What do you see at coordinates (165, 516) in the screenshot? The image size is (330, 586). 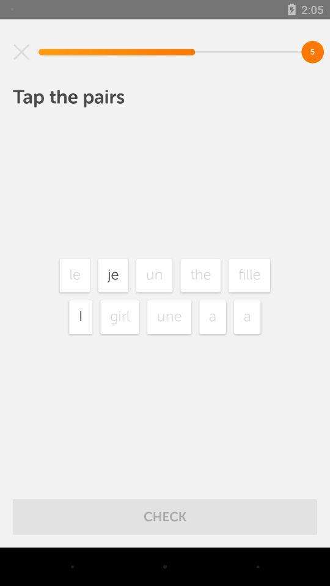 I see `the check` at bounding box center [165, 516].